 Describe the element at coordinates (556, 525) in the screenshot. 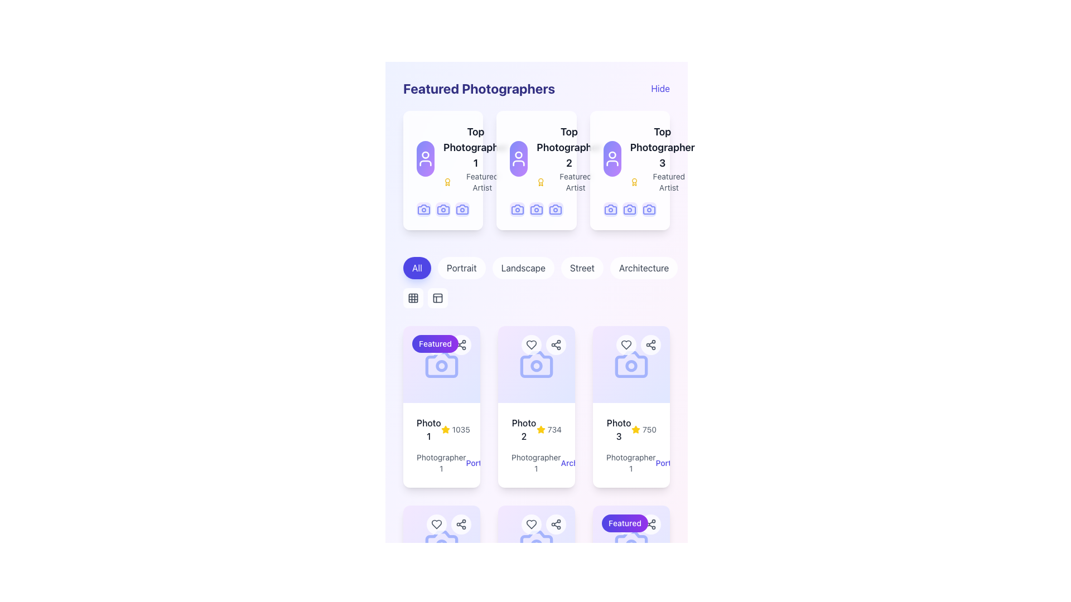

I see `the share icon located in the top-right corner of the card` at that location.